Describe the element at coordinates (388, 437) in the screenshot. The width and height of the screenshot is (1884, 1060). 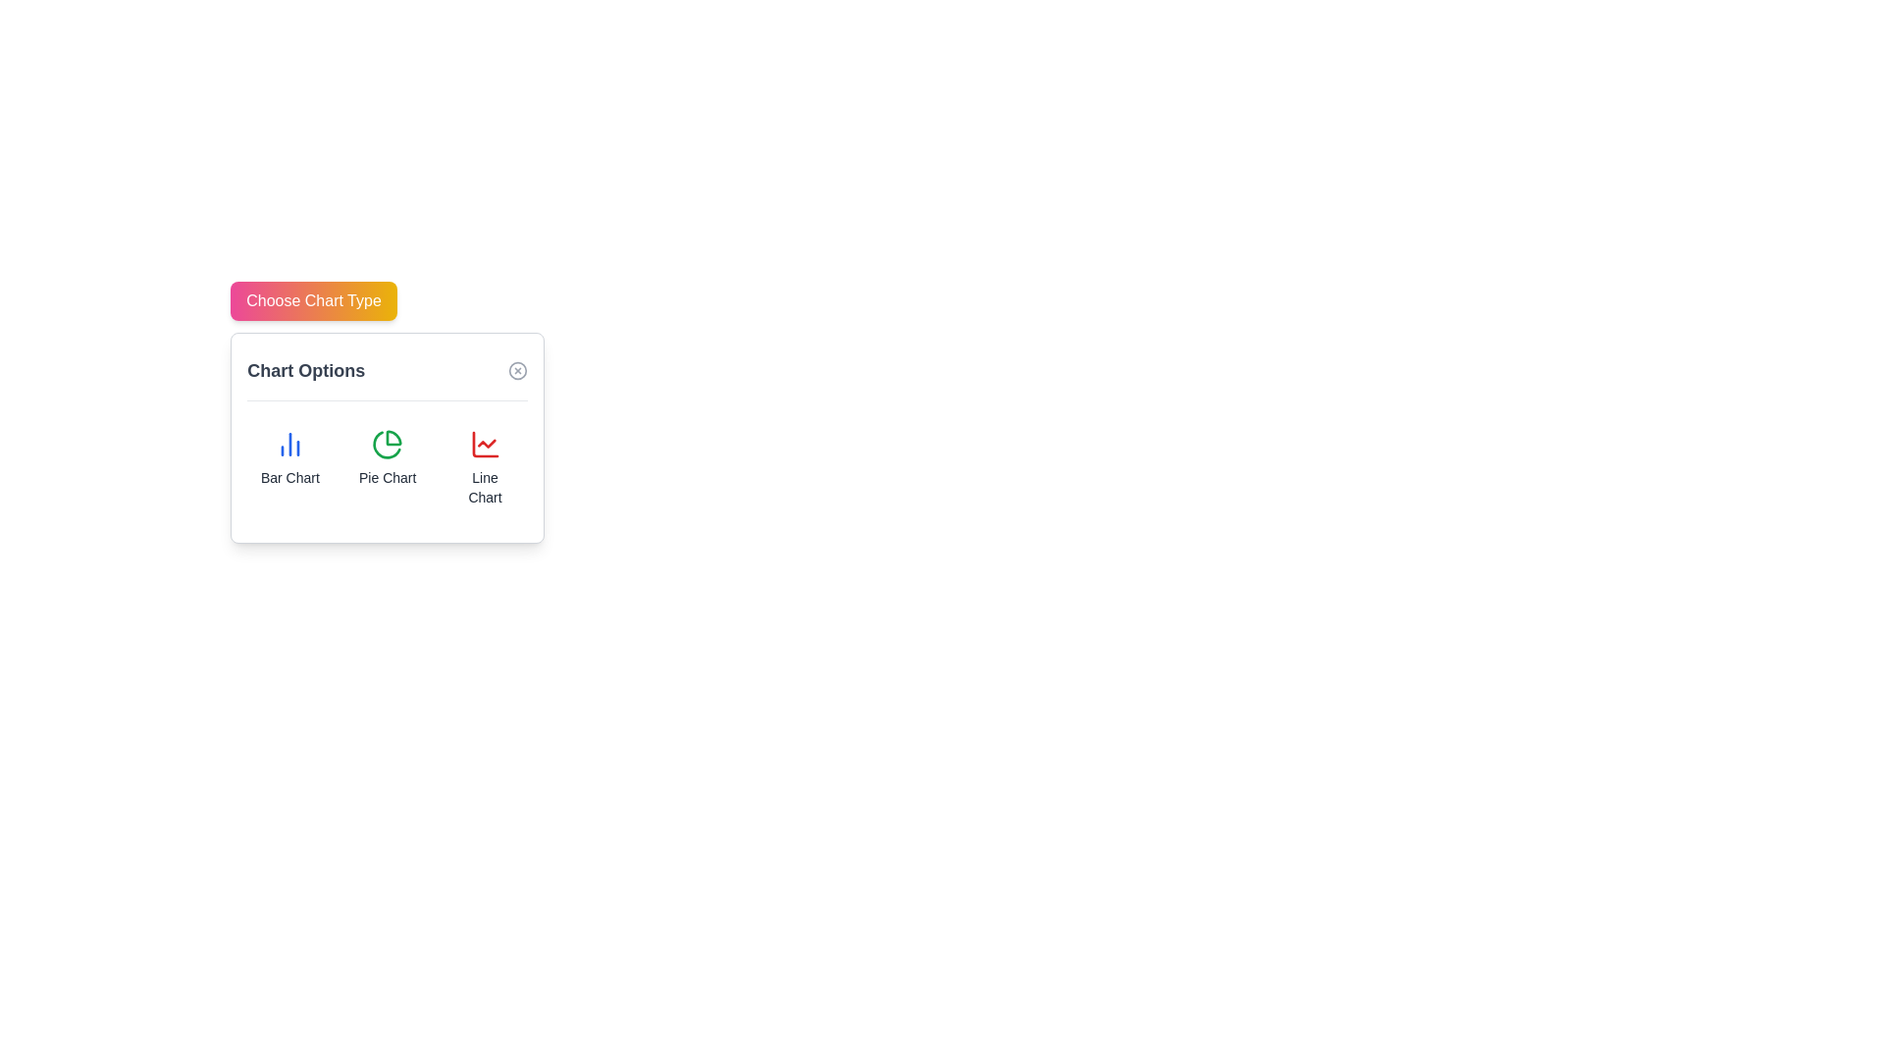
I see `the Dropdown panel` at that location.